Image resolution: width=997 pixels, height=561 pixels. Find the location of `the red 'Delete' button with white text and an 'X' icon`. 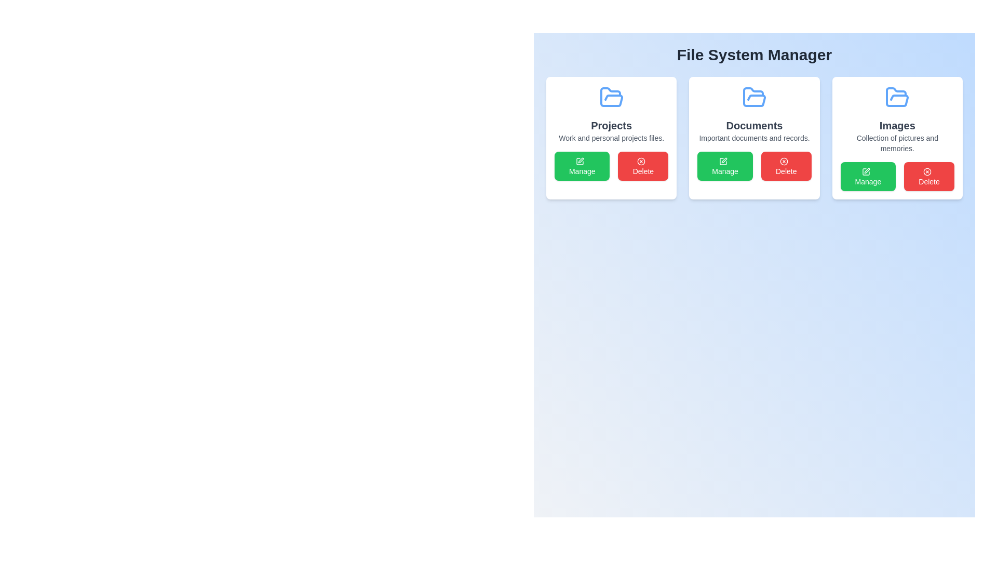

the red 'Delete' button with white text and an 'X' icon is located at coordinates (786, 166).